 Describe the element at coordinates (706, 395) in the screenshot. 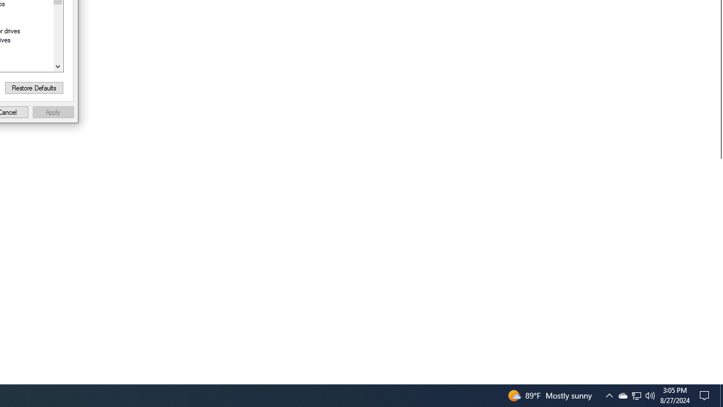

I see `'Show desktop'` at that location.